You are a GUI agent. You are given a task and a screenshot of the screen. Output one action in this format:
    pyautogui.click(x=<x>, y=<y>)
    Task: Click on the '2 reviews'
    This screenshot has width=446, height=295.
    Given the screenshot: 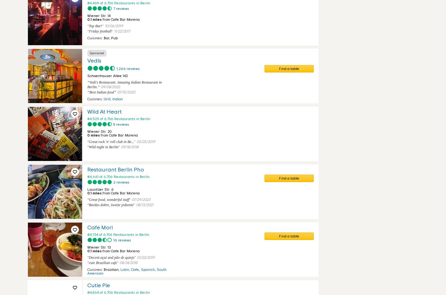 What is the action you would take?
    pyautogui.click(x=121, y=182)
    